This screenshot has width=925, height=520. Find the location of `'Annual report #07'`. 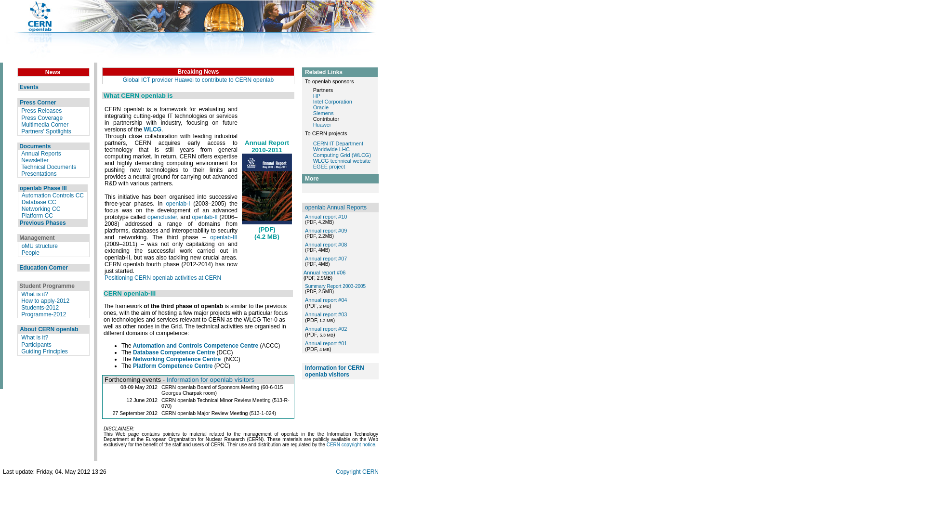

'Annual report #07' is located at coordinates (304, 258).